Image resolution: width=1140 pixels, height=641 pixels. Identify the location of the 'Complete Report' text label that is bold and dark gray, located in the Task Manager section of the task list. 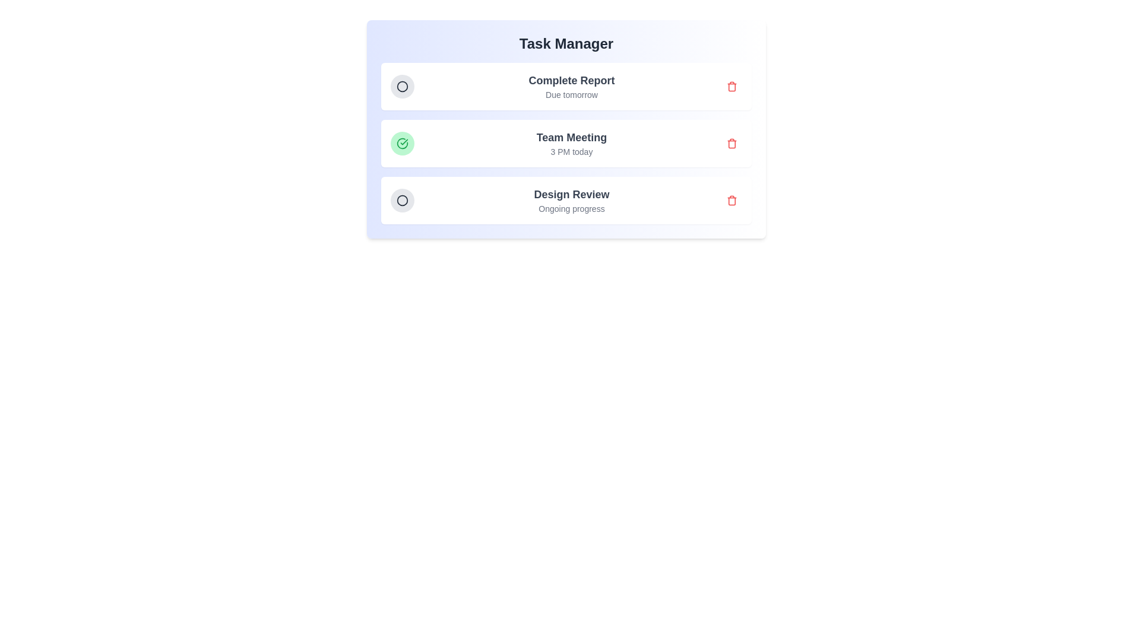
(572, 80).